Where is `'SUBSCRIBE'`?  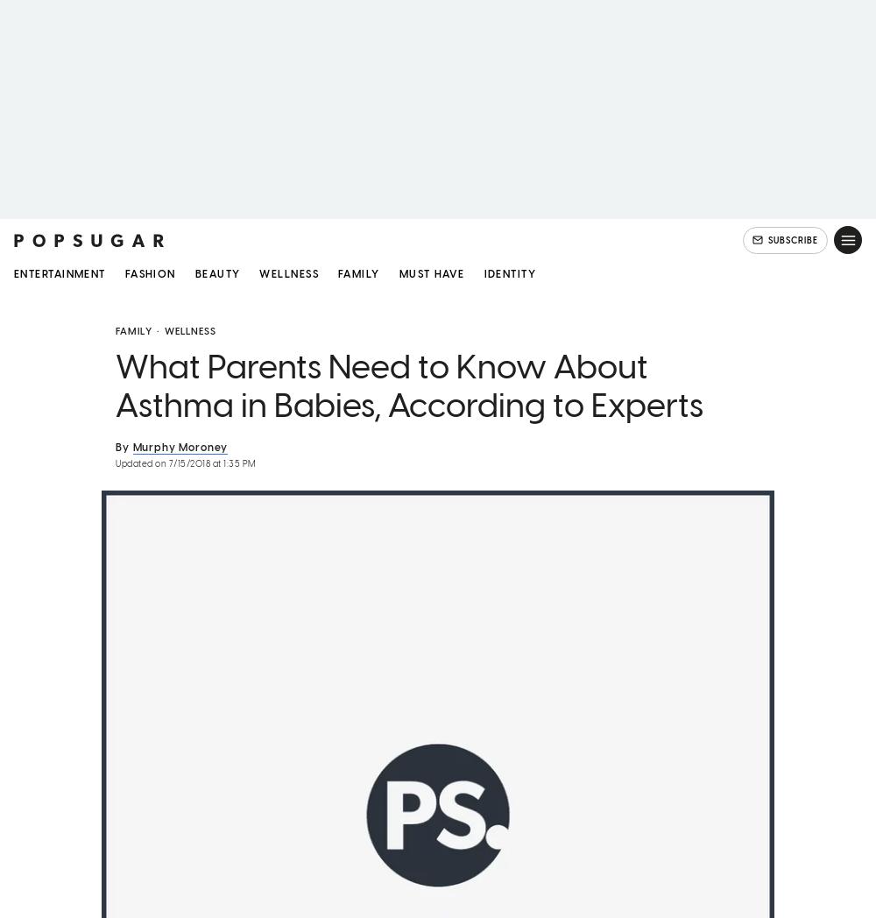
'SUBSCRIBE' is located at coordinates (793, 238).